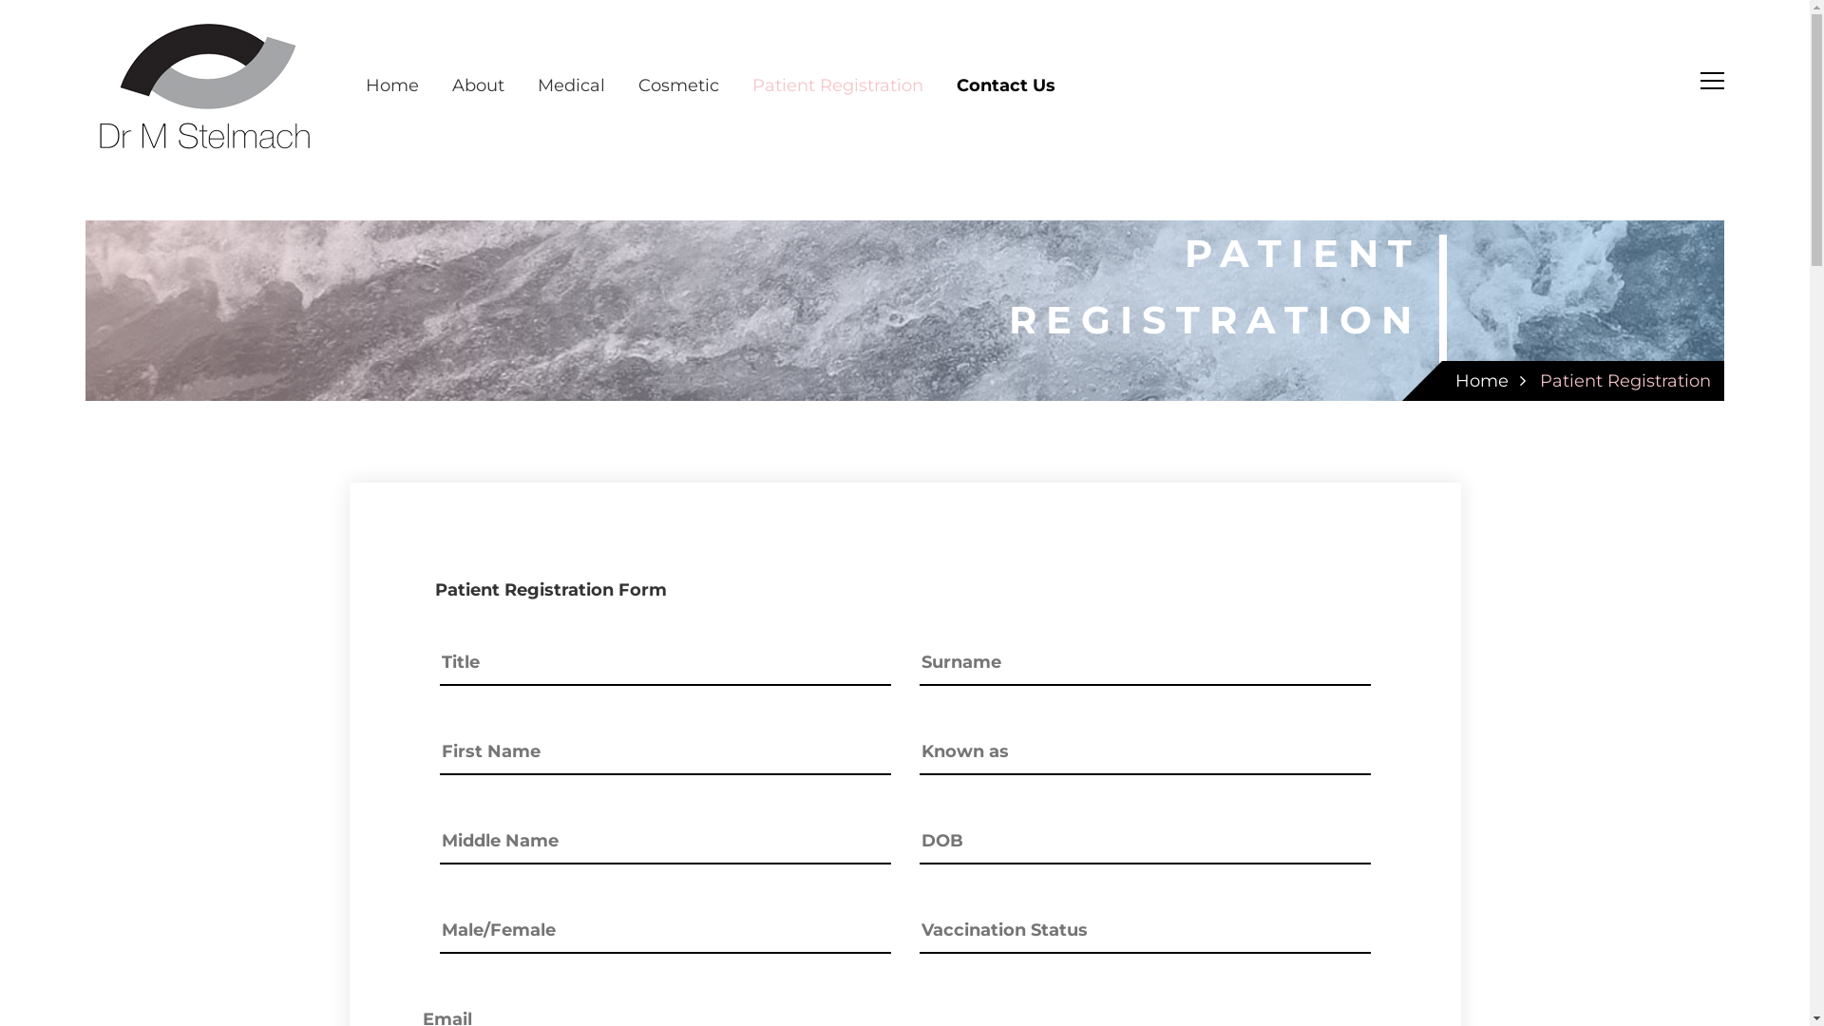 Image resolution: width=1824 pixels, height=1026 pixels. I want to click on 'Home', so click(1481, 381).